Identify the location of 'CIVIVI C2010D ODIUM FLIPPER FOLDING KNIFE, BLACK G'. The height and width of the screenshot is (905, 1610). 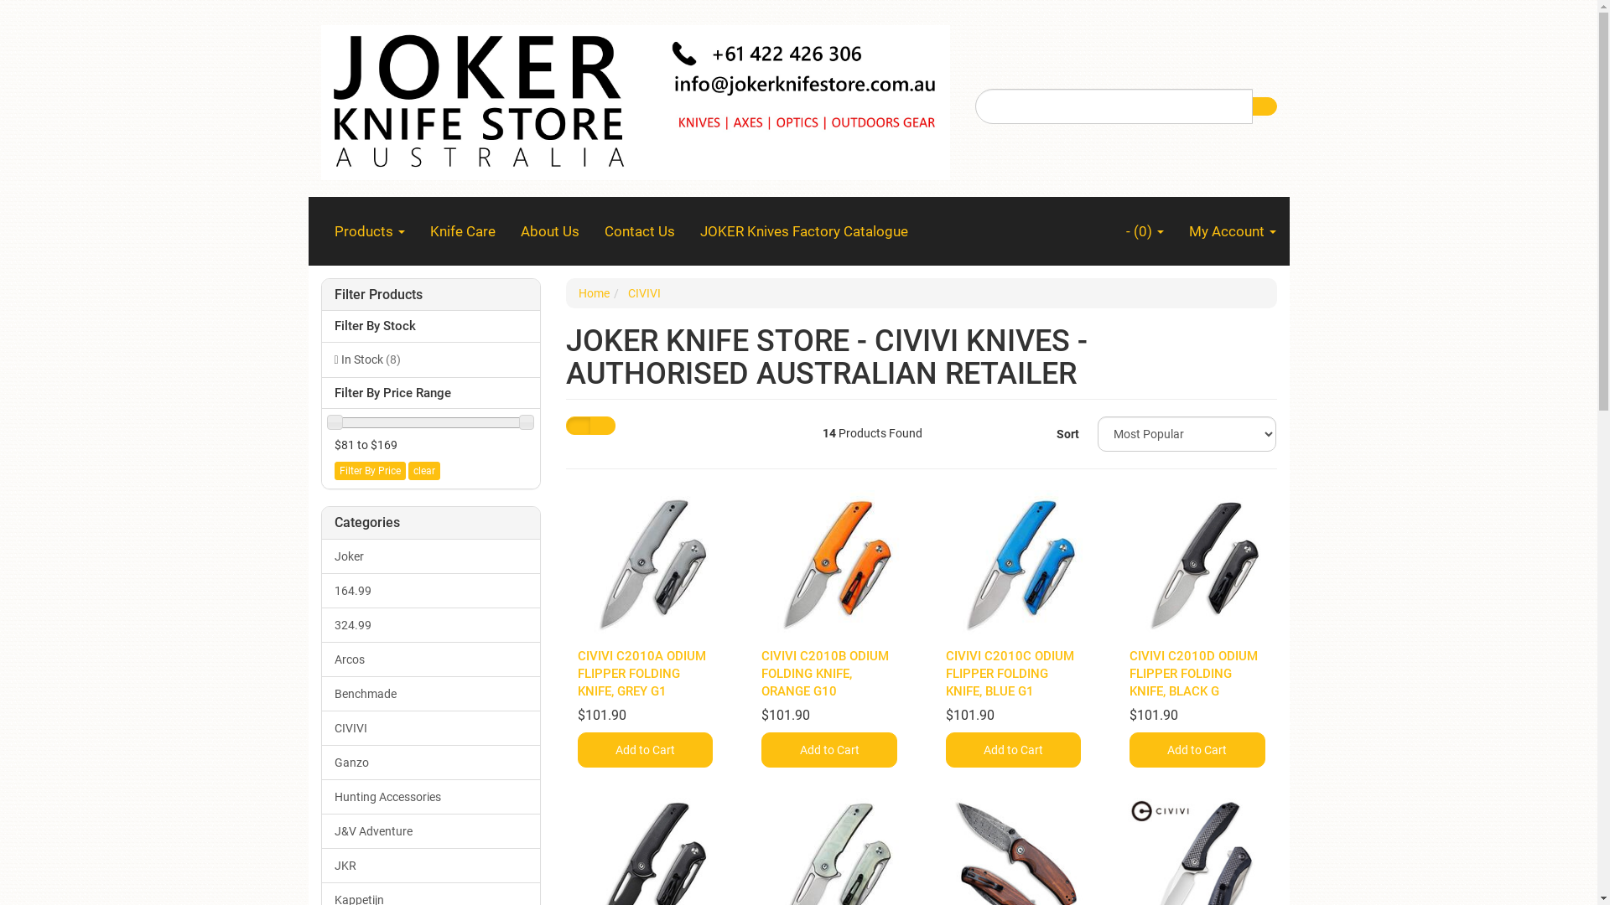
(1192, 672).